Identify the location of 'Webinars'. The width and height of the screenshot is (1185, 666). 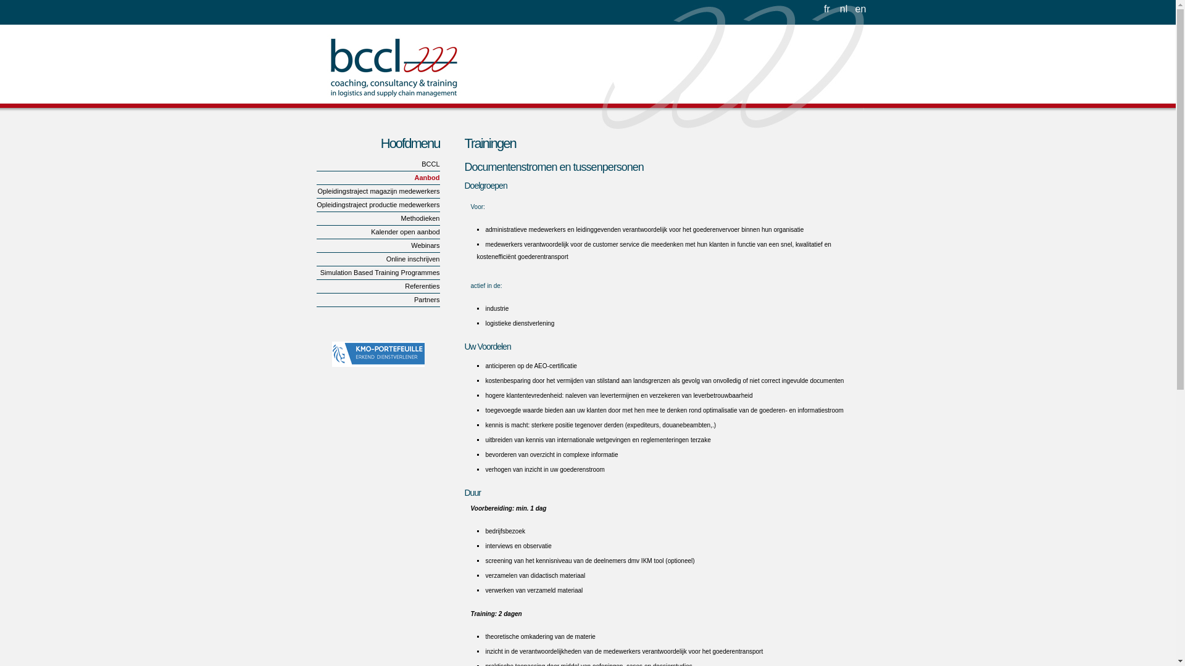
(376, 245).